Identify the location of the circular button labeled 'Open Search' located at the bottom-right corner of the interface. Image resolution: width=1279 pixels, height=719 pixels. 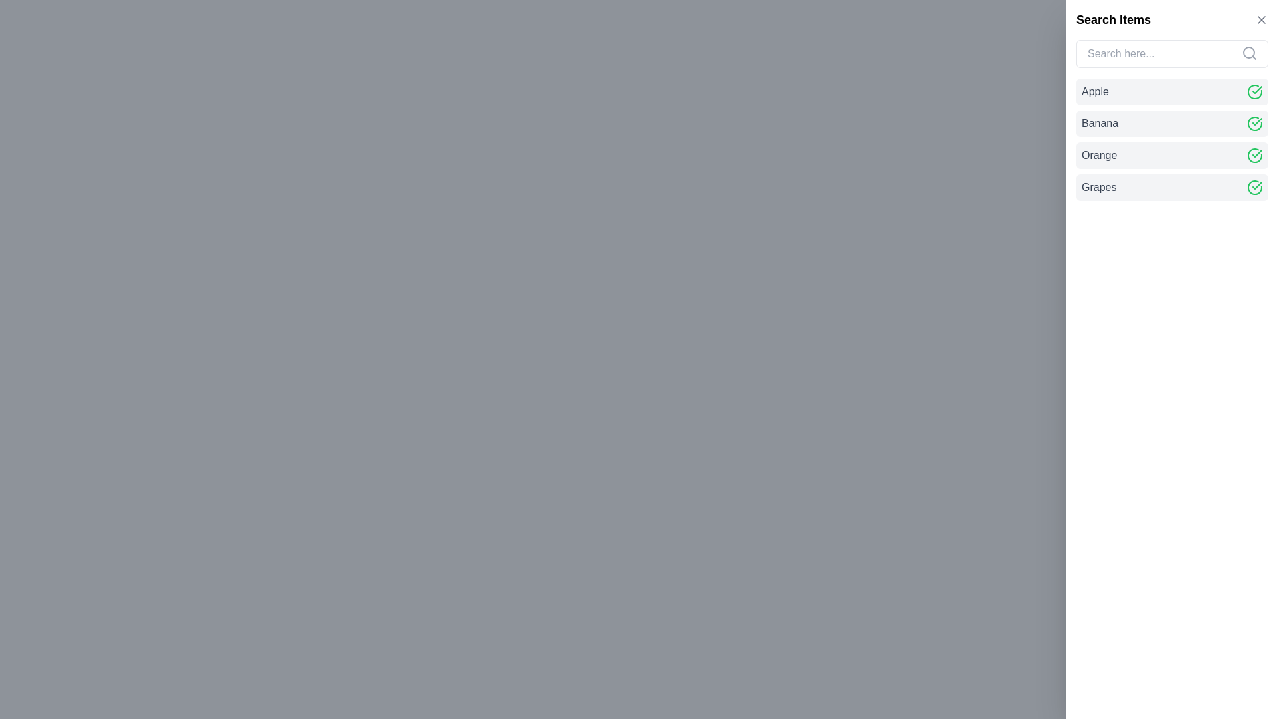
(1228, 692).